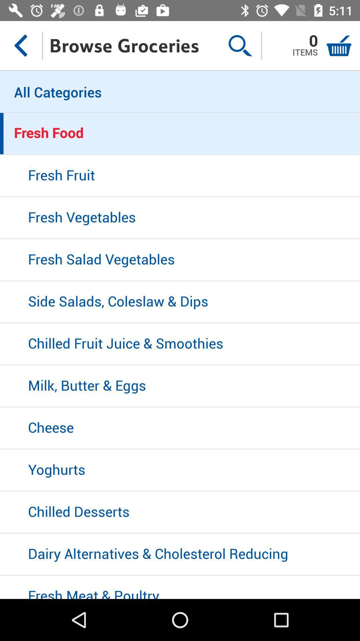 Image resolution: width=360 pixels, height=641 pixels. What do you see at coordinates (180, 386) in the screenshot?
I see `milk, butter & eggs` at bounding box center [180, 386].